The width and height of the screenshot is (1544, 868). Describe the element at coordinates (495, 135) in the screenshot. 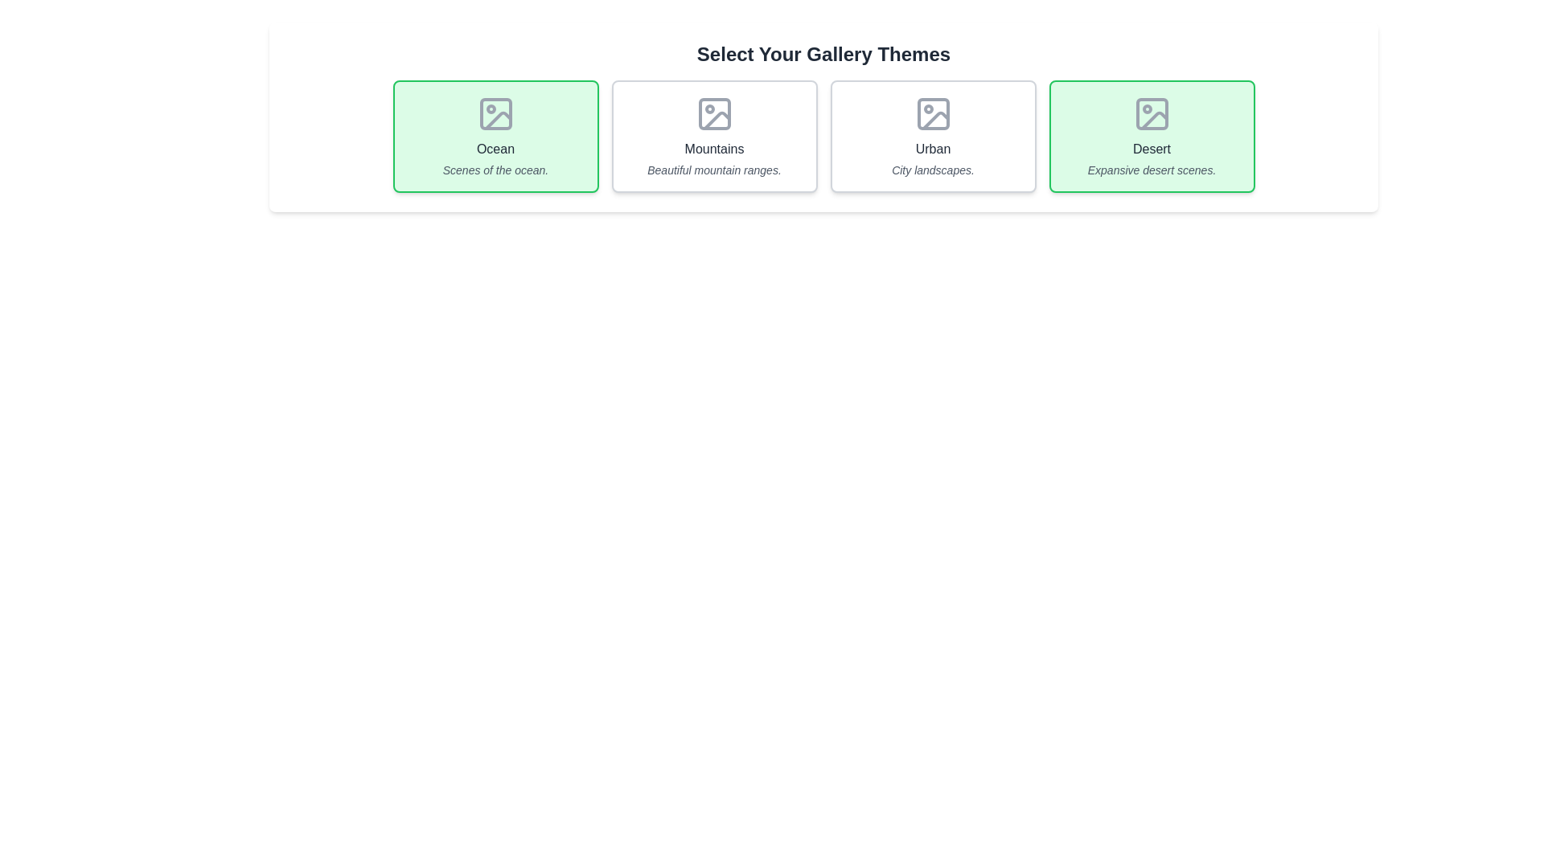

I see `the tag labeled Ocean` at that location.